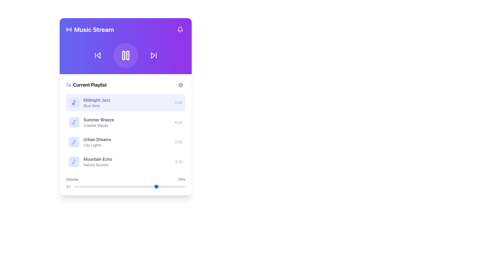  What do you see at coordinates (126, 132) in the screenshot?
I see `an item in the vertical list of the 'Current Playlist' section` at bounding box center [126, 132].